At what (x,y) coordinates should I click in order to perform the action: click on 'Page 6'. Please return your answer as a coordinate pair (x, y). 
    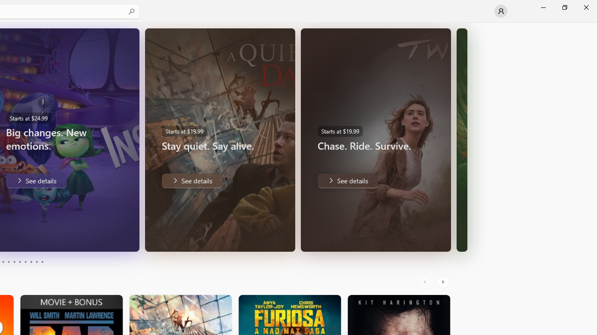
    Looking at the image, I should click on (20, 262).